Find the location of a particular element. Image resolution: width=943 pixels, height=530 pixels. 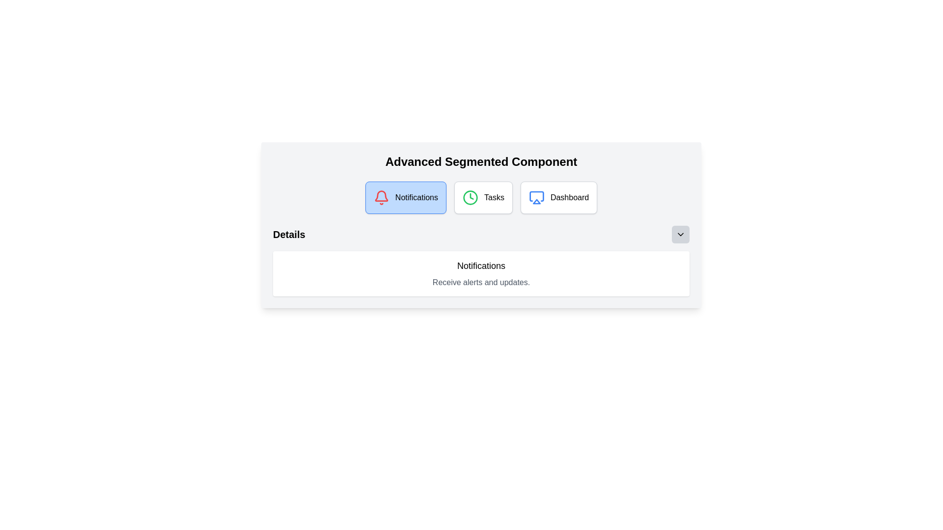

the downward-facing chevron arrow icon within the pale gray circular button located at the top-right corner of the 'Details' section is located at coordinates (680, 235).